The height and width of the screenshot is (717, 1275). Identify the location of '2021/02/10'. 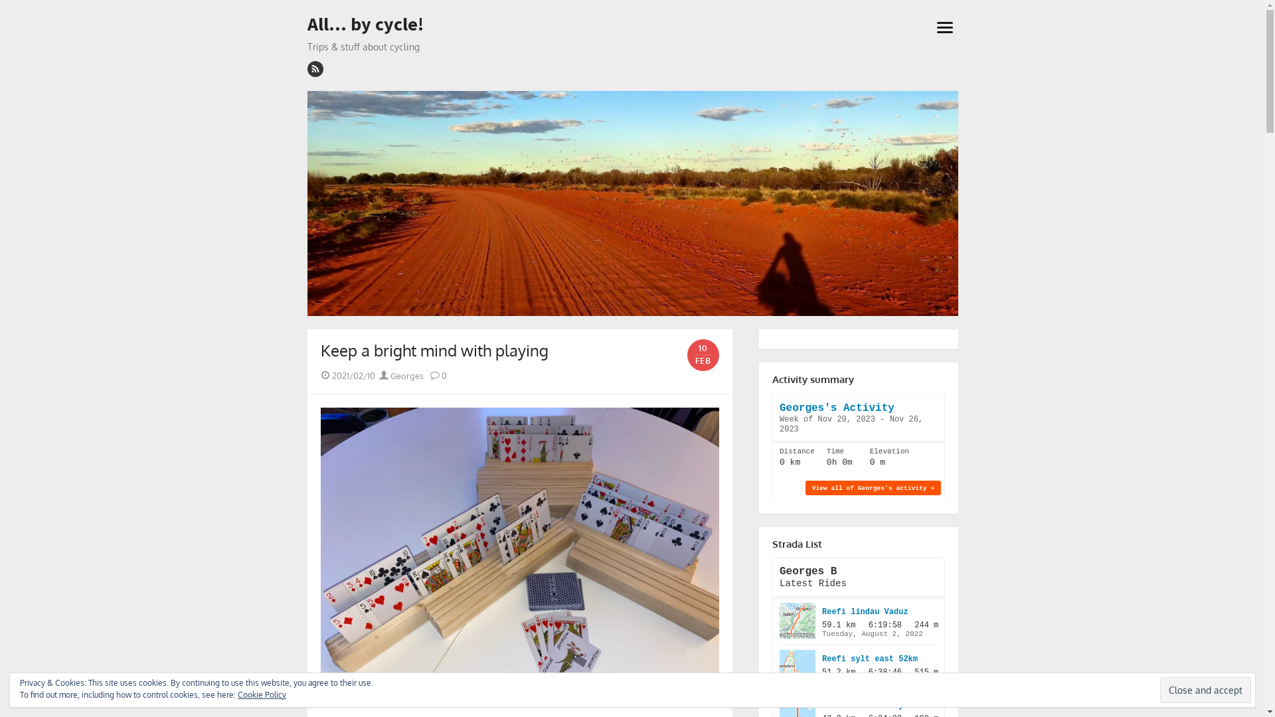
(353, 376).